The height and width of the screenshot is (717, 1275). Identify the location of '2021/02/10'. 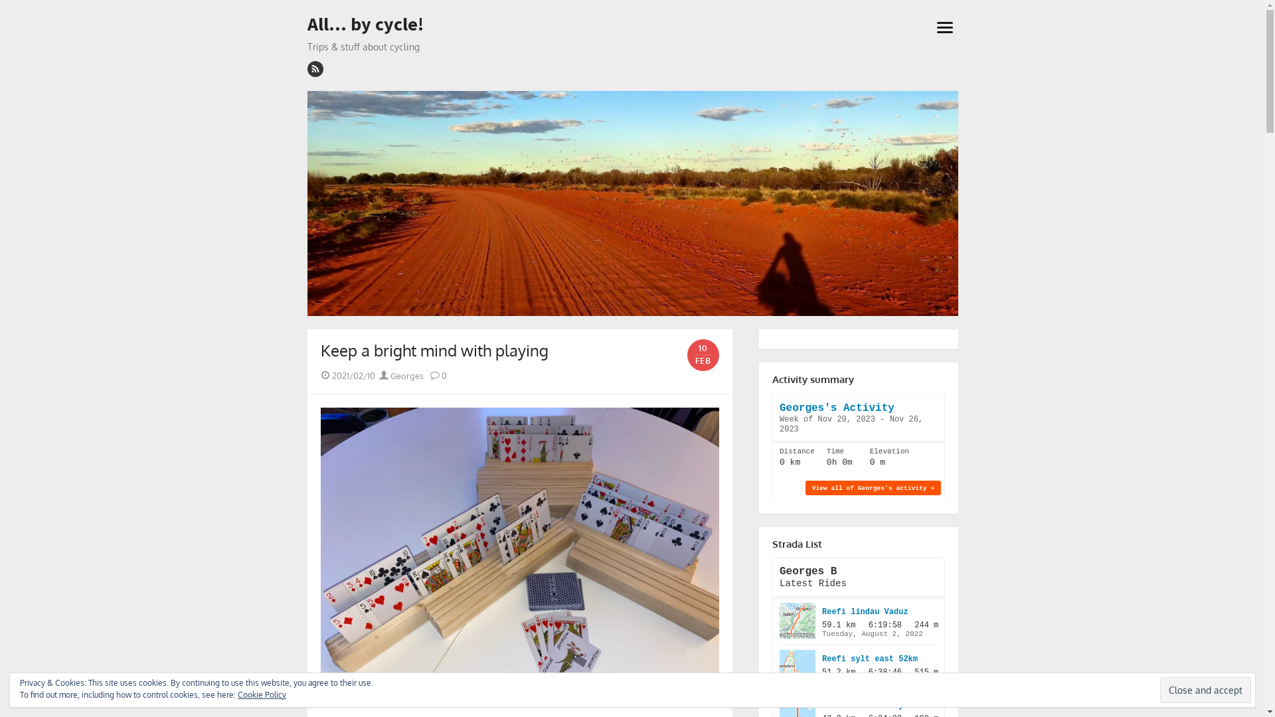
(353, 376).